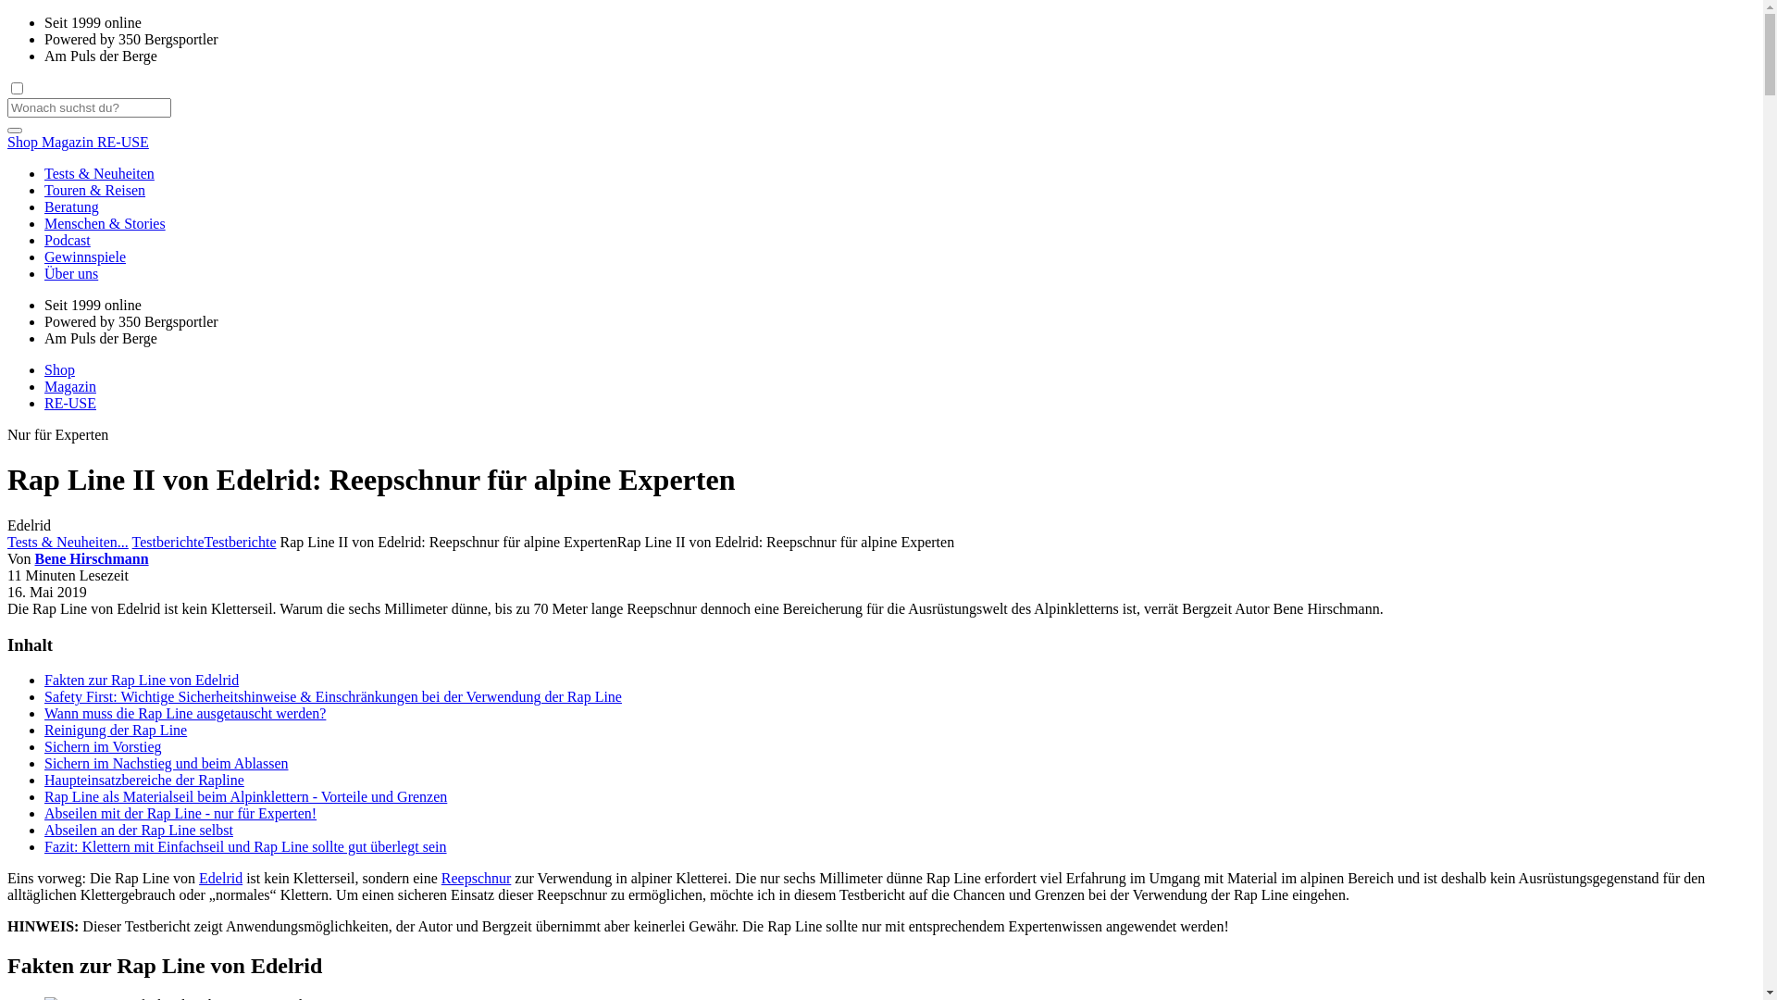 This screenshot has height=1000, width=1777. Describe the element at coordinates (59, 369) in the screenshot. I see `'Shop'` at that location.